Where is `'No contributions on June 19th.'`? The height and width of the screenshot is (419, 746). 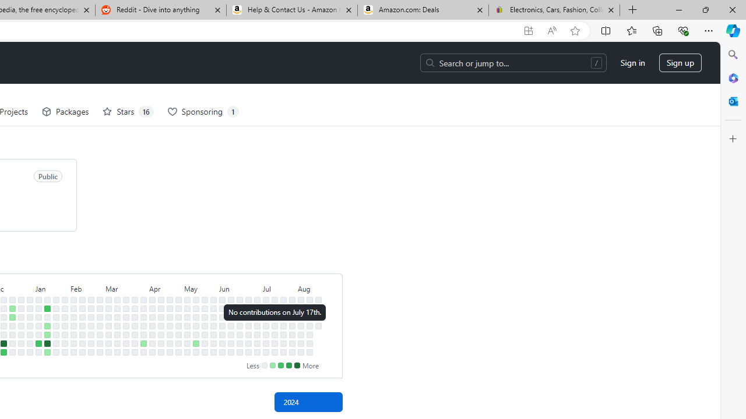
'No contributions on June 19th.' is located at coordinates (239, 325).